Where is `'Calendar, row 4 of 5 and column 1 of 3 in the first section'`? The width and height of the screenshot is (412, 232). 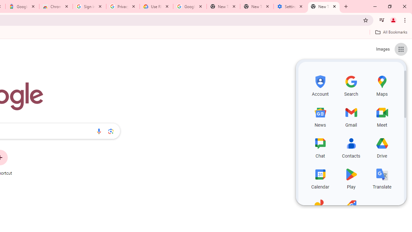 'Calendar, row 4 of 5 and column 1 of 3 in the first section' is located at coordinates (320, 178).